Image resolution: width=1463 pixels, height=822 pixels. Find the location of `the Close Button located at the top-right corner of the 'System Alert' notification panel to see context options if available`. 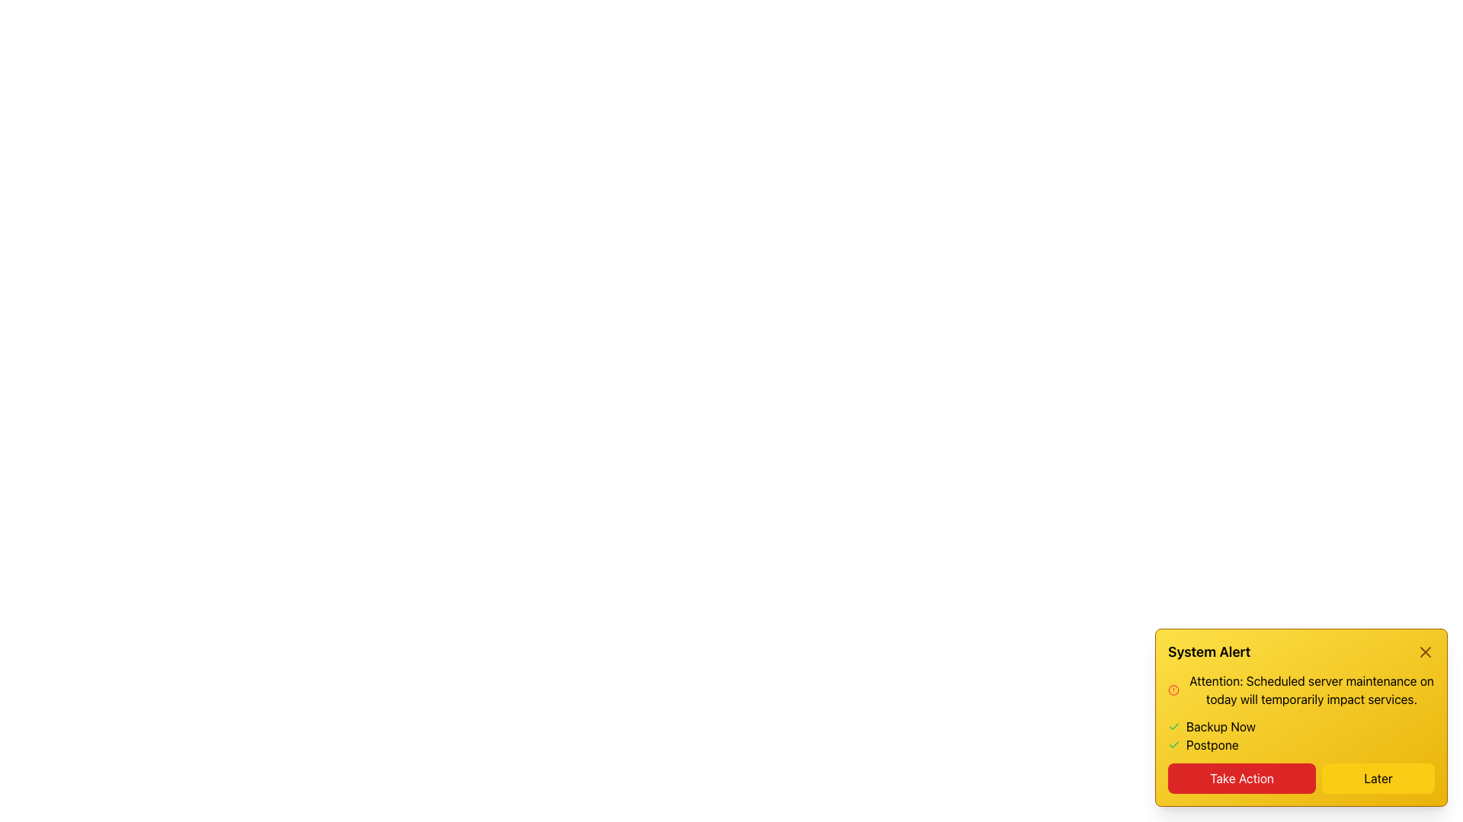

the Close Button located at the top-right corner of the 'System Alert' notification panel to see context options if available is located at coordinates (1425, 651).